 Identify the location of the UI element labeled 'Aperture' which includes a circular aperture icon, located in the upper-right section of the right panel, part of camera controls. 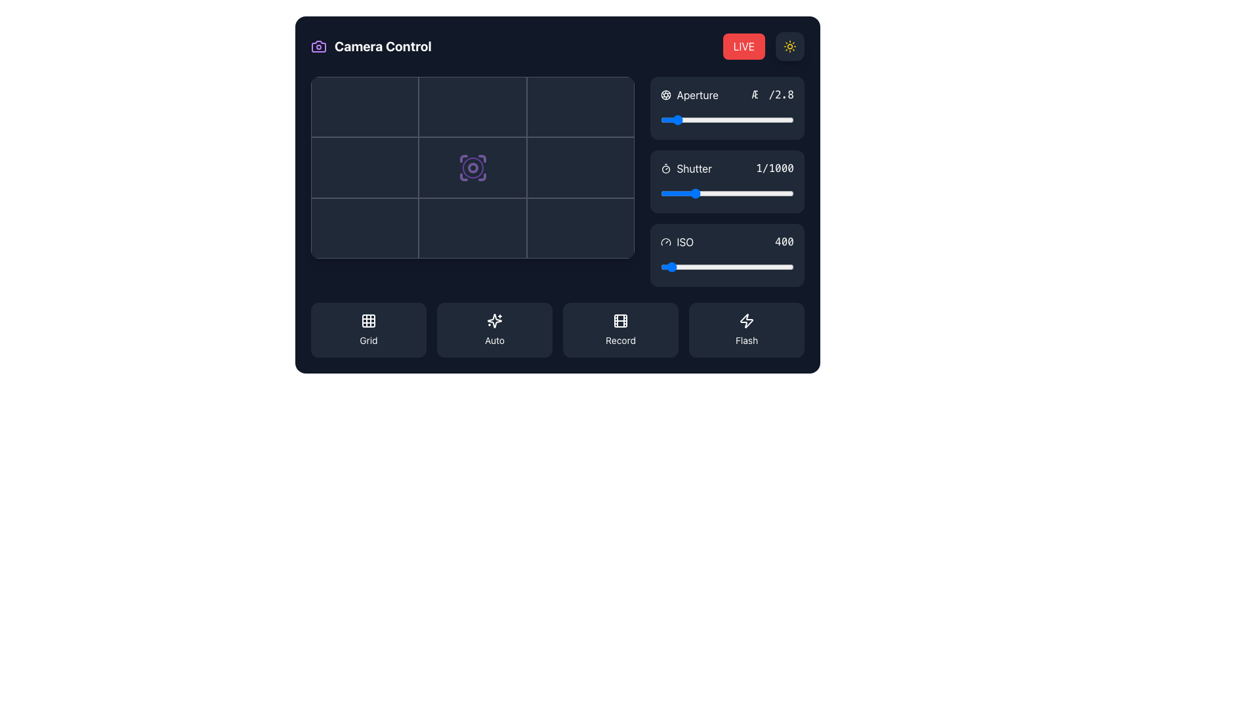
(689, 95).